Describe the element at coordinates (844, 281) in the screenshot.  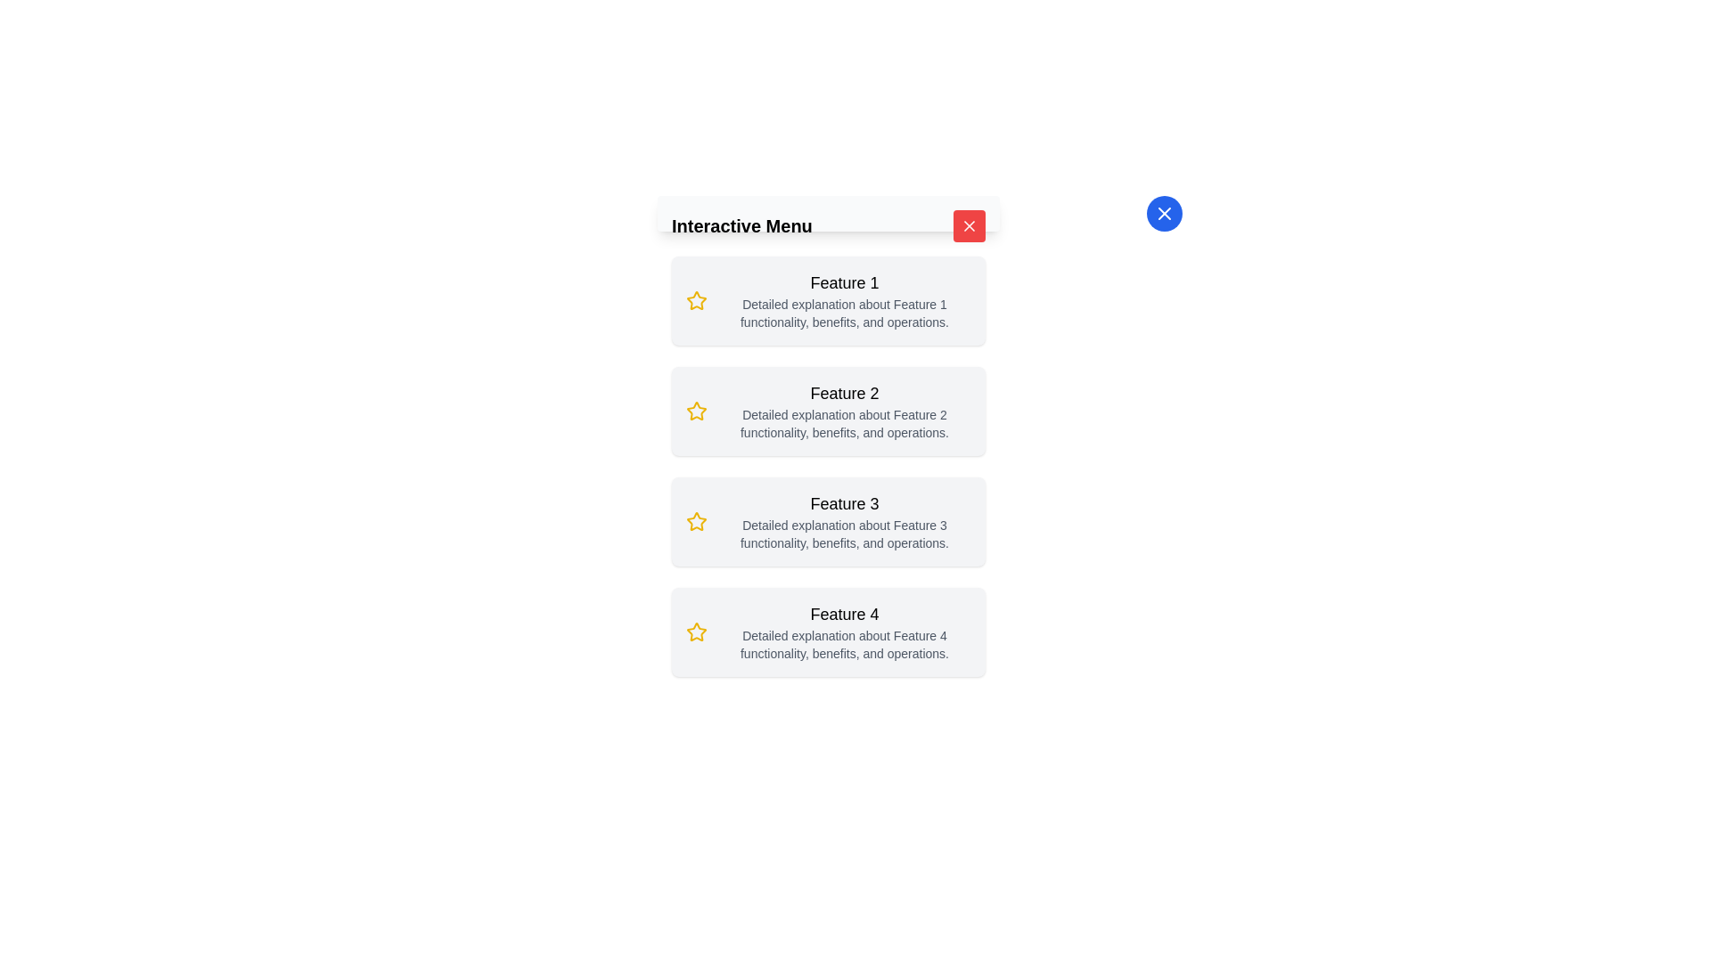
I see `text content of the text label displaying 'Feature 1', which is the first line in the vertically listed group of feature descriptions` at that location.